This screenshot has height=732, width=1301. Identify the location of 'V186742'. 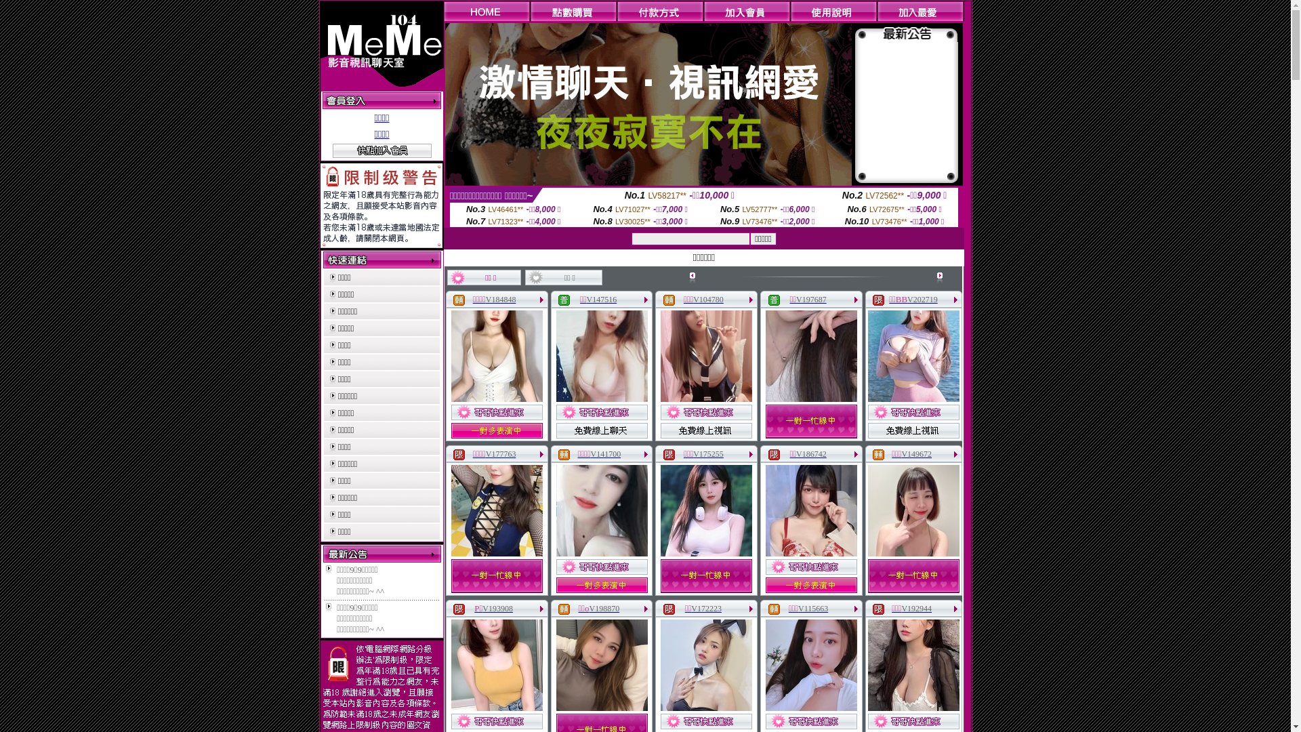
(796, 454).